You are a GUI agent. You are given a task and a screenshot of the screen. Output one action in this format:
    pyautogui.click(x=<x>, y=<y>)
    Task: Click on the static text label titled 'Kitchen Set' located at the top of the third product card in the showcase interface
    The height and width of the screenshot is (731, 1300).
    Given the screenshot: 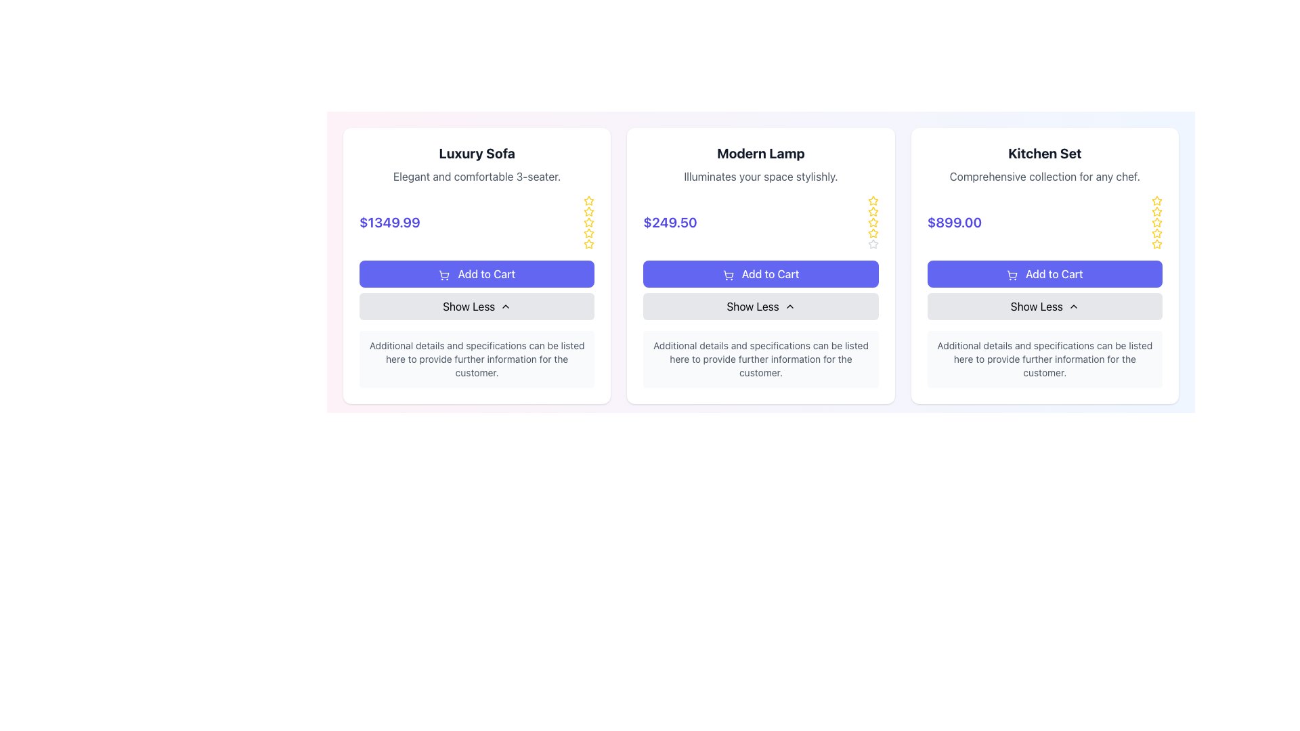 What is the action you would take?
    pyautogui.click(x=1044, y=153)
    